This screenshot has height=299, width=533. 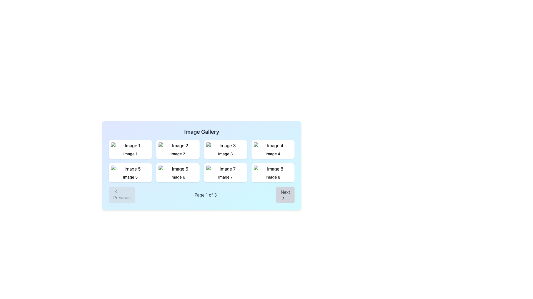 What do you see at coordinates (130, 149) in the screenshot?
I see `the first Information card in the top-left corner of the 2x4 grid layout, which displays a preview image and text` at bounding box center [130, 149].